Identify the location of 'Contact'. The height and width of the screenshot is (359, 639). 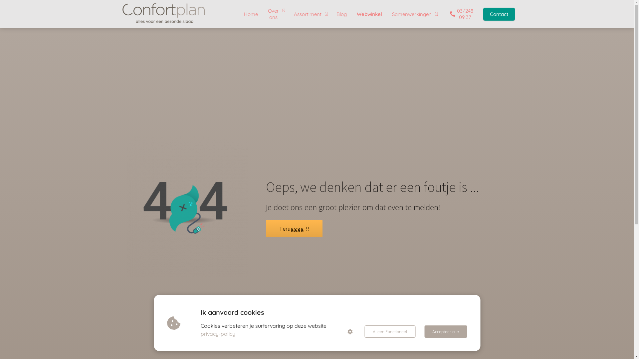
(477, 14).